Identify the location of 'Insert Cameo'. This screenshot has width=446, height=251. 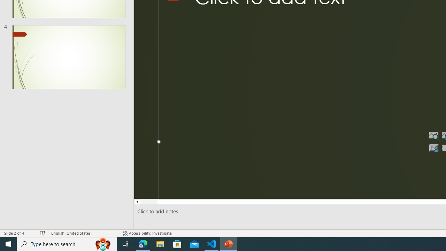
(433, 147).